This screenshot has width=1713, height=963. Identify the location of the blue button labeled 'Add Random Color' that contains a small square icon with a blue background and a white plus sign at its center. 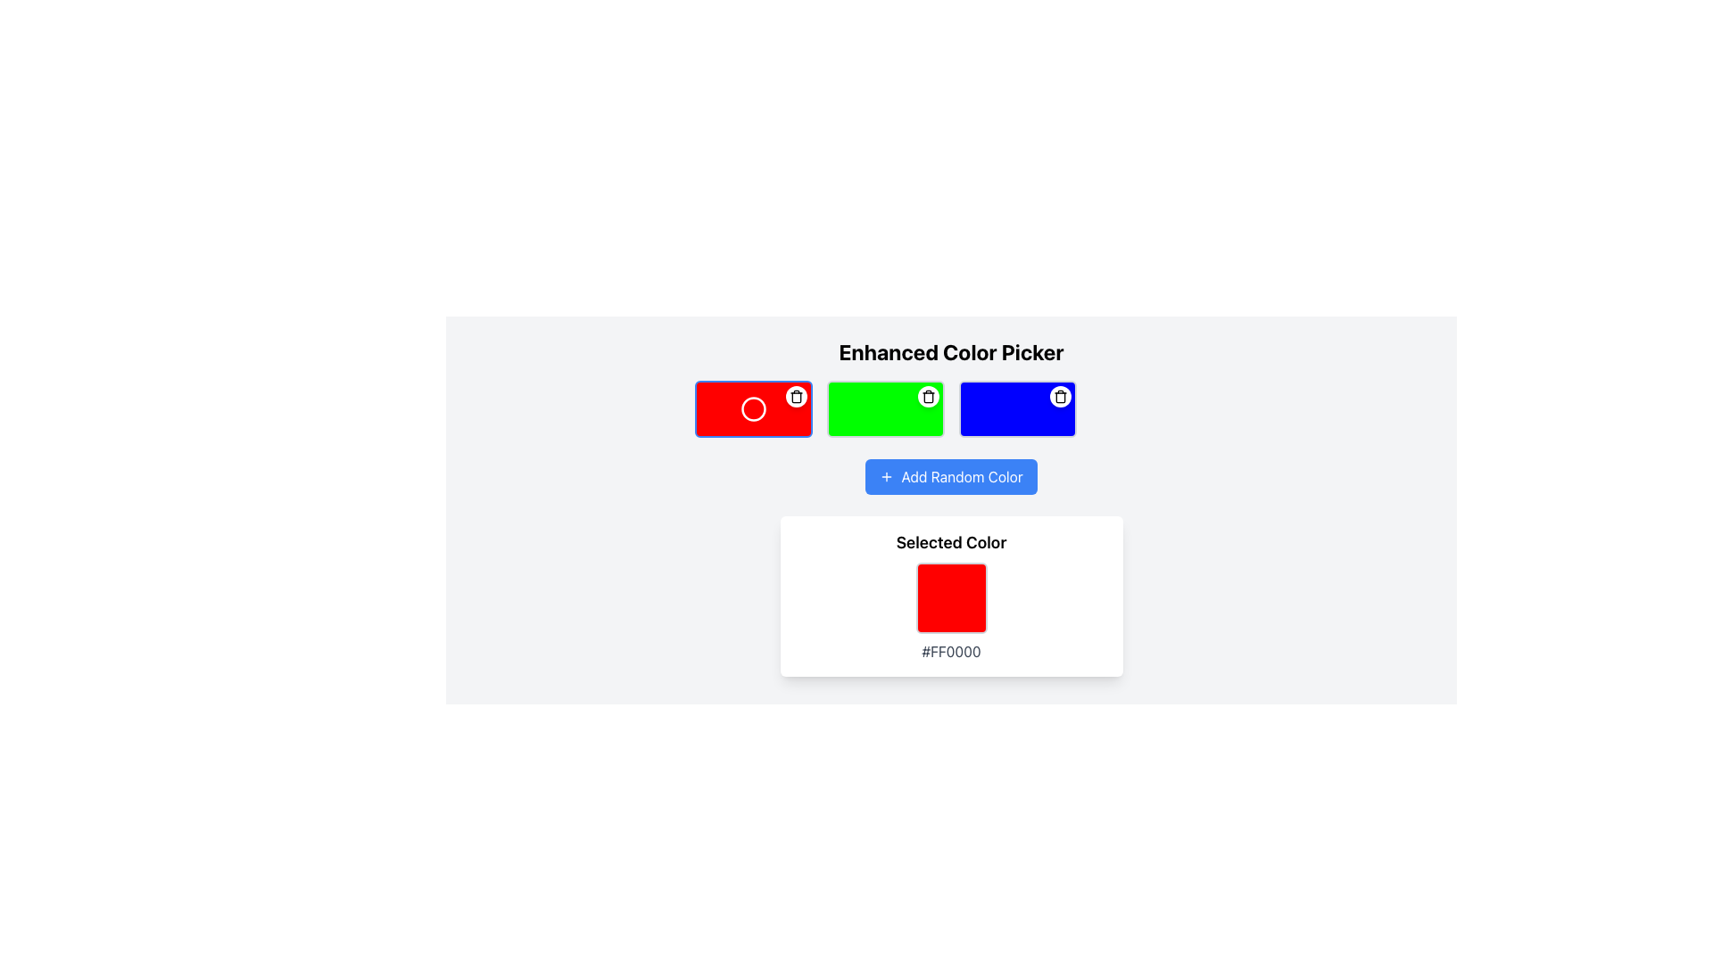
(887, 476).